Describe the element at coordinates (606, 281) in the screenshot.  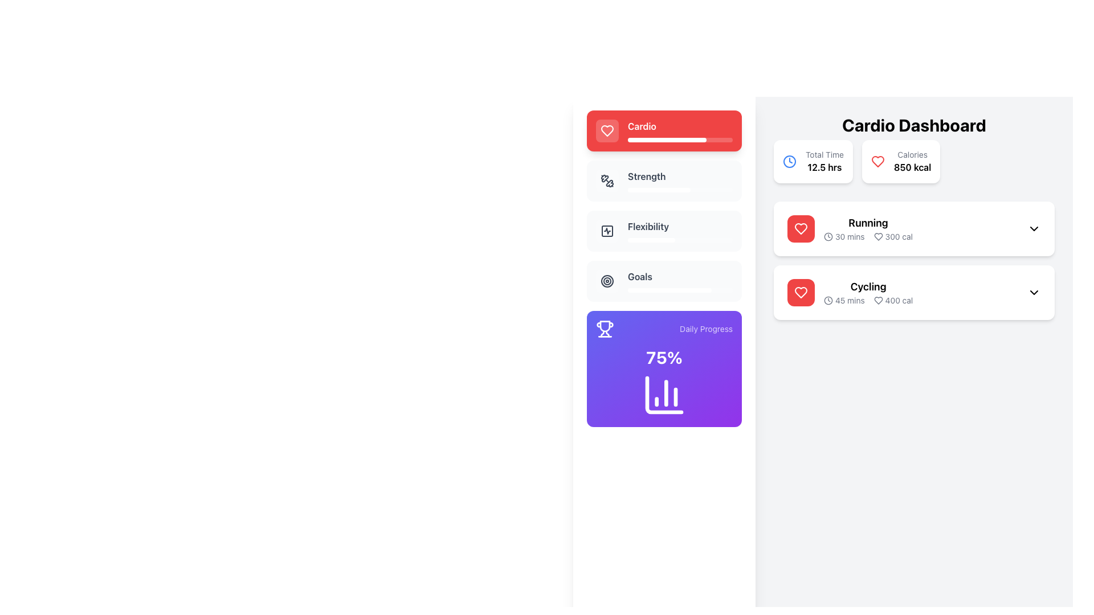
I see `the decorative circular shape within the SVG graphic that forms part of the target icon in the 'Goals' section of the sidebar` at that location.